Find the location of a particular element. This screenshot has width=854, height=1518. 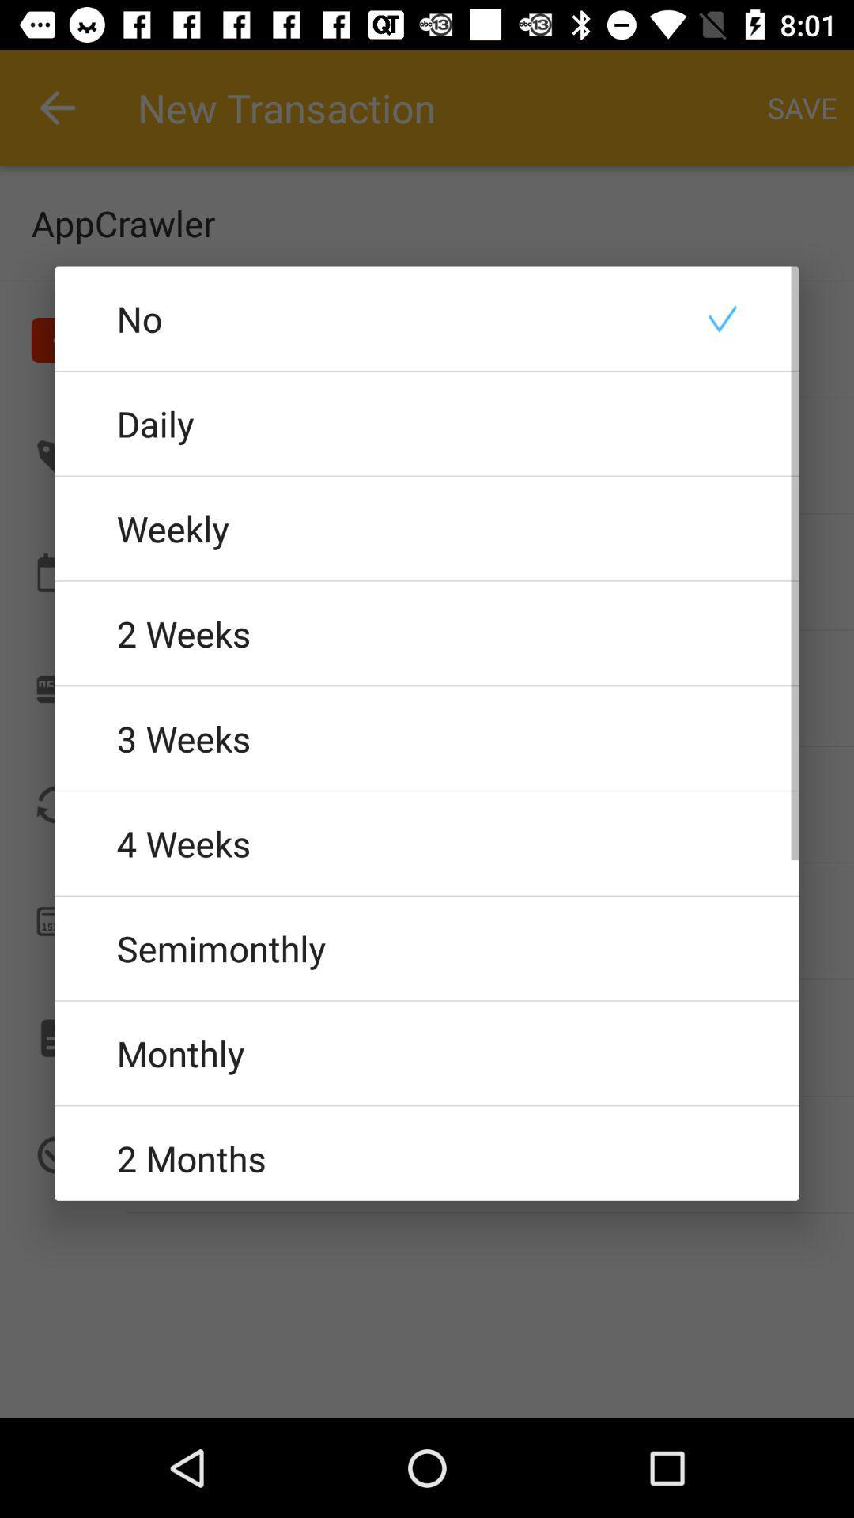

2 months icon is located at coordinates (427, 1154).